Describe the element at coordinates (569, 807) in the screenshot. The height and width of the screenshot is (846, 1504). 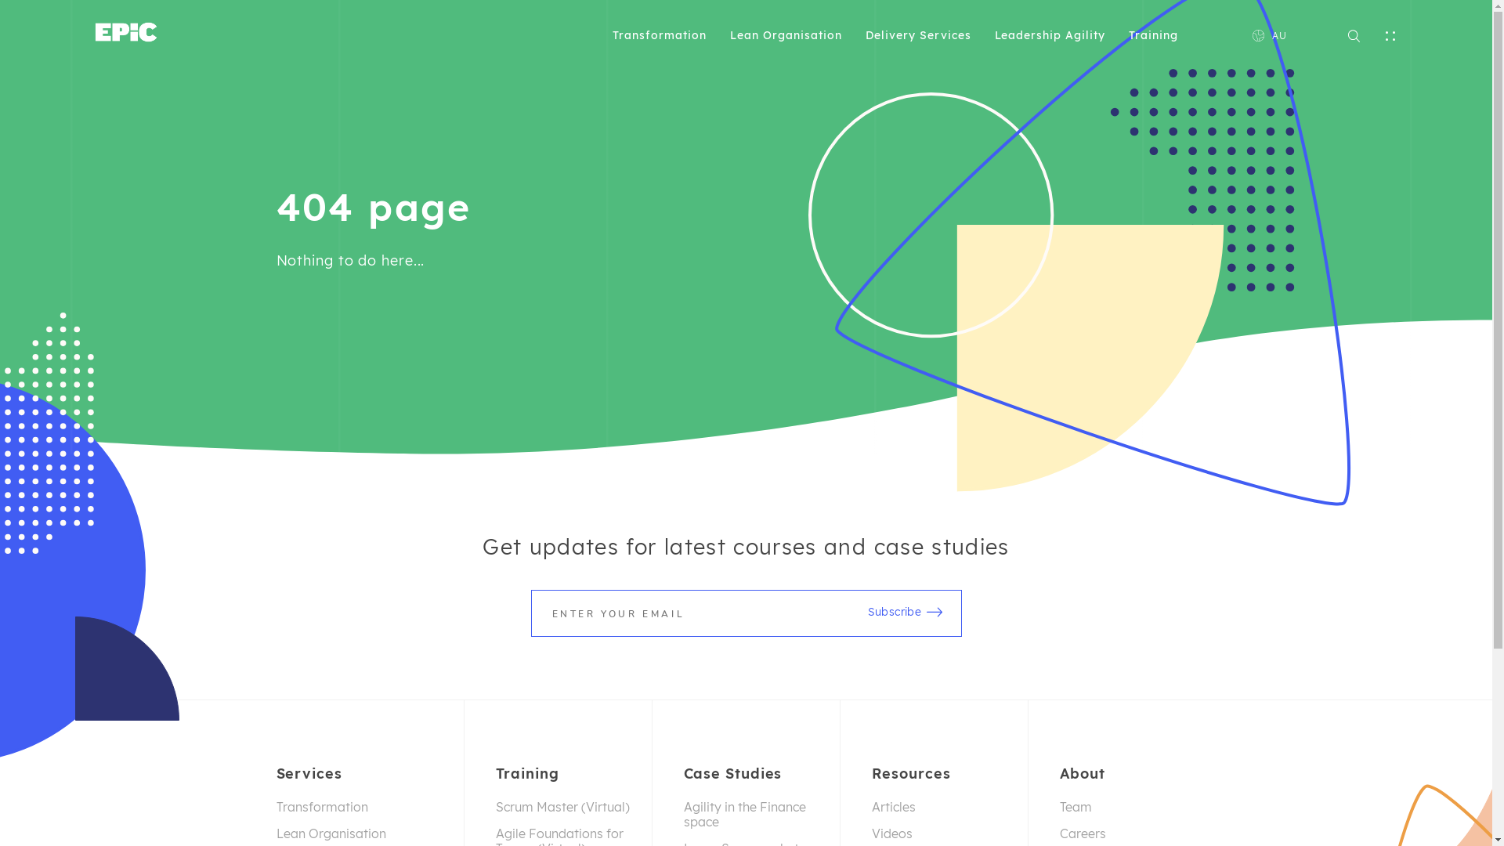
I see `'Scrum Master (Virtual)'` at that location.